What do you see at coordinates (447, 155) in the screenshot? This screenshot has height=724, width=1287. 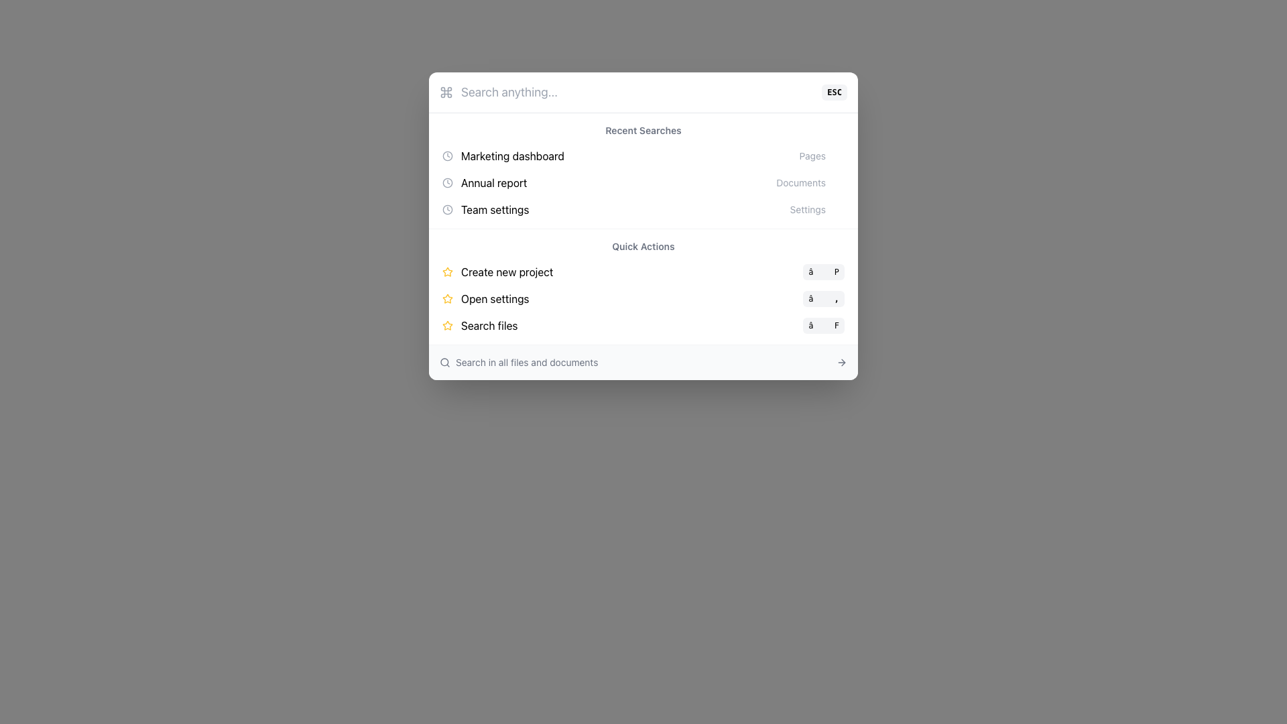 I see `the circular gray clock icon located at the leftmost part of the 'Marketing dashboard' row` at bounding box center [447, 155].